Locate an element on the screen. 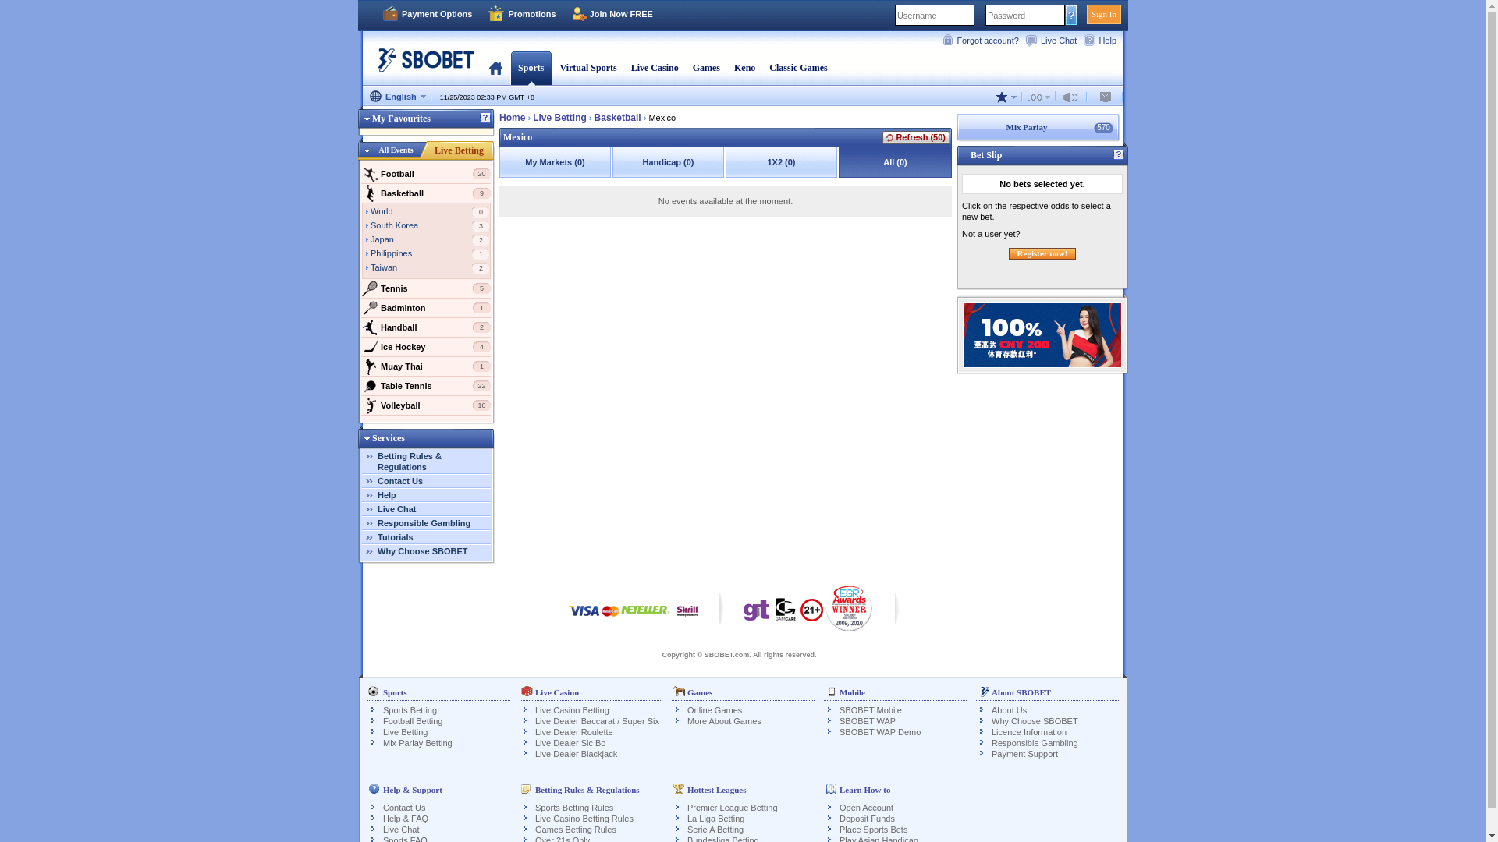 The image size is (1498, 842). 'Philippines is located at coordinates (430, 254).